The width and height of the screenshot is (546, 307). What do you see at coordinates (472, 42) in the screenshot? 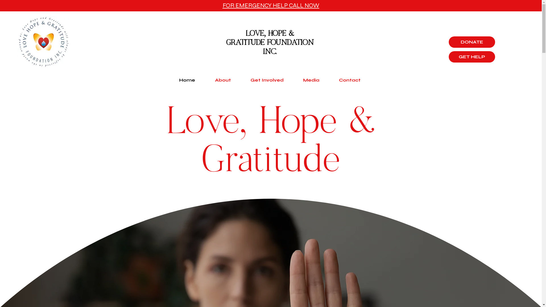
I see `'DONATE'` at bounding box center [472, 42].